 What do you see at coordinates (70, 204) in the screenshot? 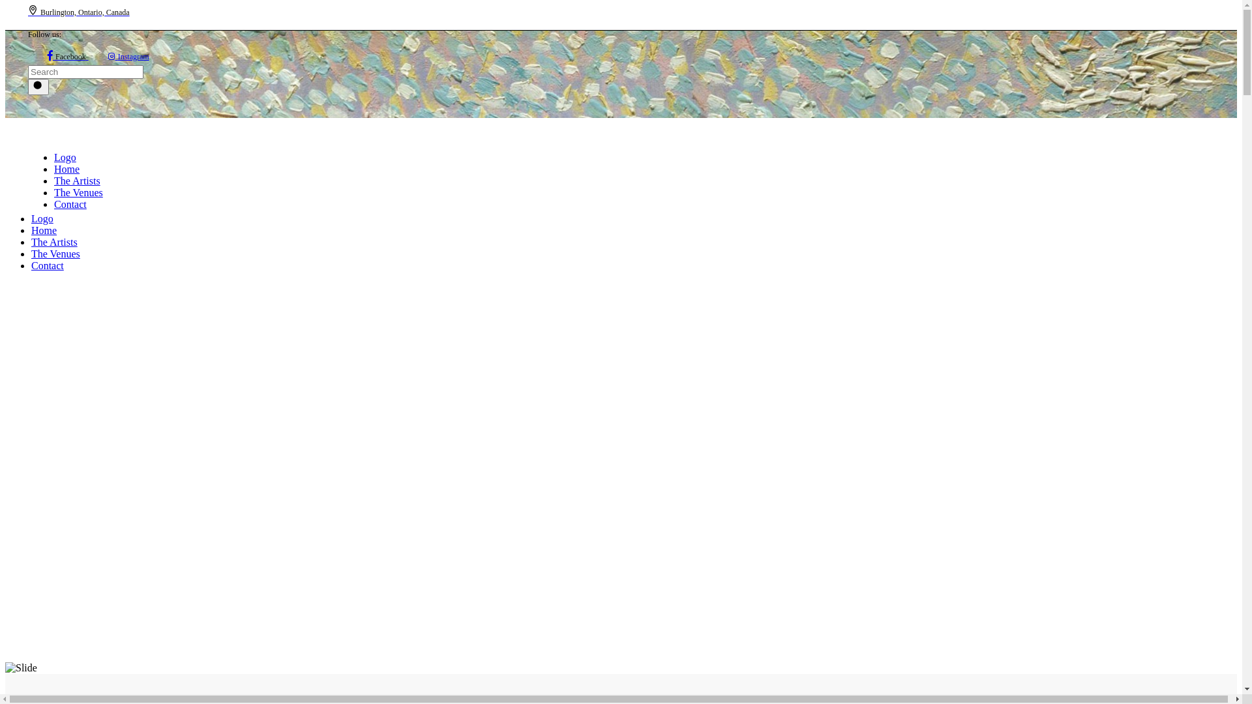
I see `'Contact'` at bounding box center [70, 204].